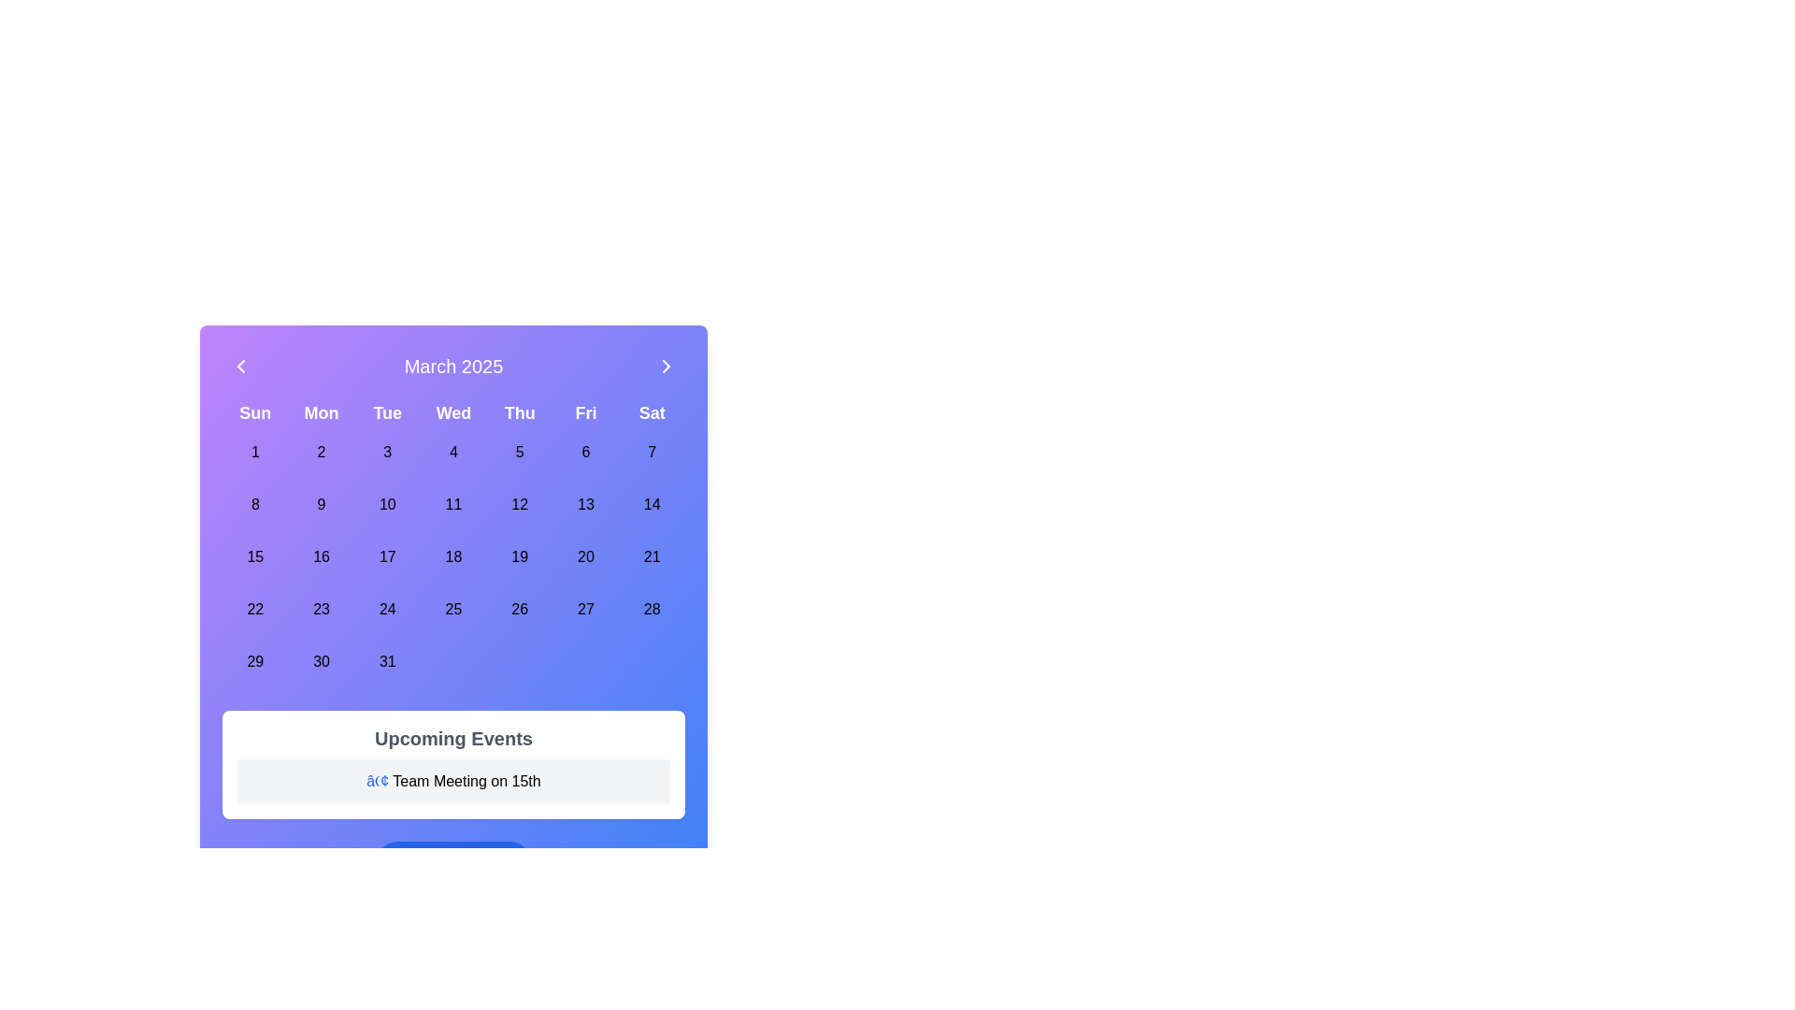  I want to click on the rounded rectangular Calendar date button displaying '5', located in the March 2025 calendar grid interface, to visualize the hover effect, so click(520, 452).